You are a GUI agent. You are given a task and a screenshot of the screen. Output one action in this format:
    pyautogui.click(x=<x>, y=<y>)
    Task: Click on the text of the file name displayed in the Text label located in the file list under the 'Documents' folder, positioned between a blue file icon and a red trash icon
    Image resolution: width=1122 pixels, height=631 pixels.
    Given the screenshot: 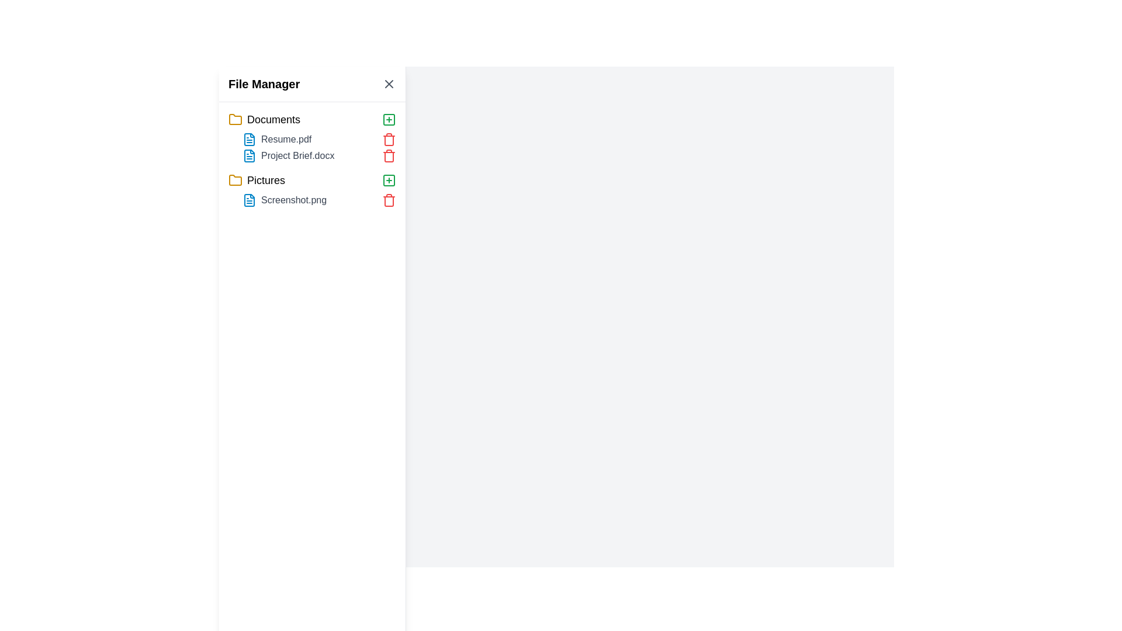 What is the action you would take?
    pyautogui.click(x=286, y=139)
    